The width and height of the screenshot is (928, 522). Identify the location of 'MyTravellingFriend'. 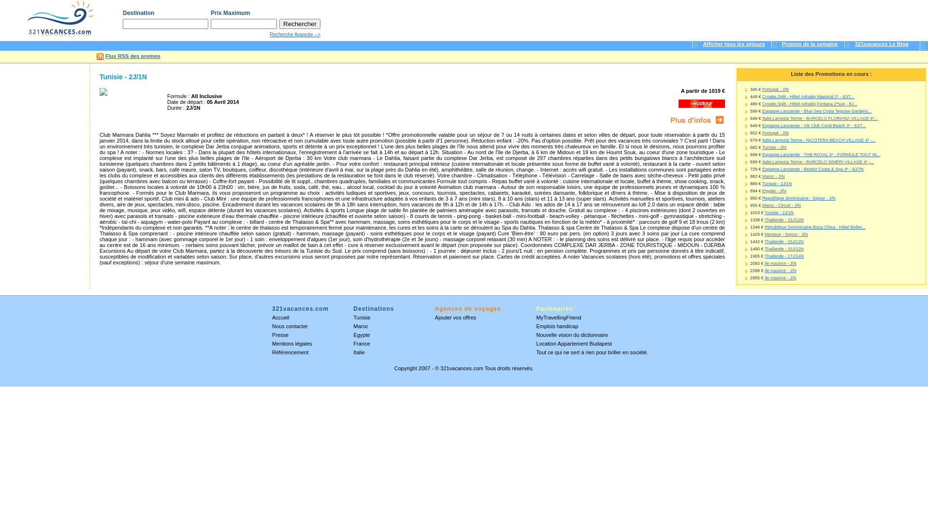
(536, 317).